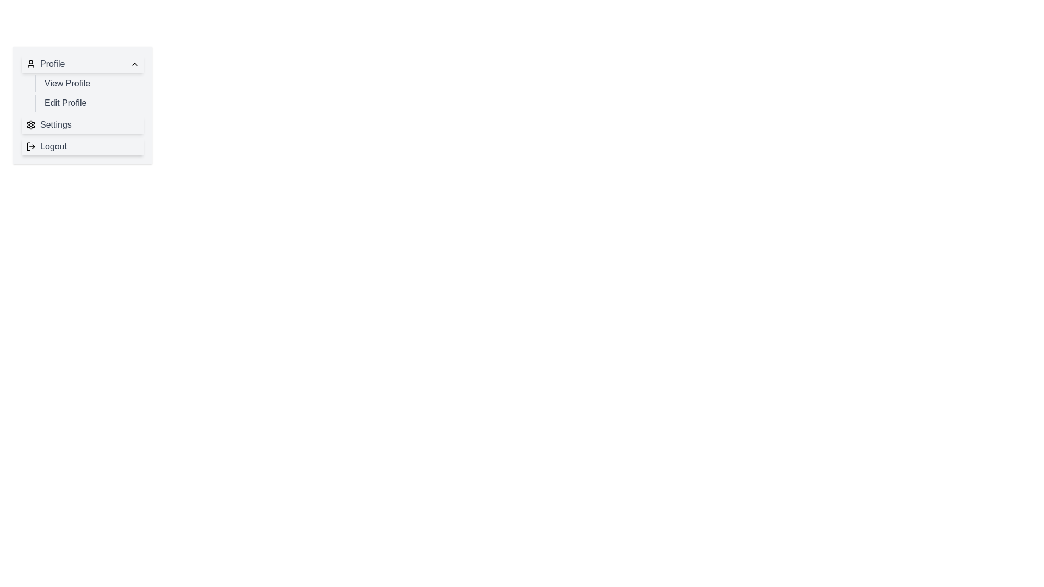 Image resolution: width=1044 pixels, height=587 pixels. I want to click on the navigational menu or sidebar containing options like 'Profile', 'View Profile', 'Edit Profile', 'Settings', and 'Logout' via keyboard navigation, so click(82, 105).